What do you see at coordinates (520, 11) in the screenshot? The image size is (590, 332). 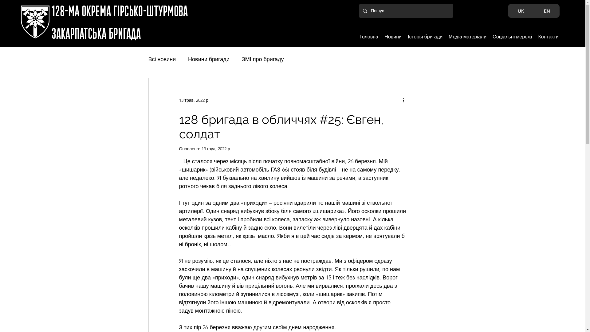 I see `'UK'` at bounding box center [520, 11].